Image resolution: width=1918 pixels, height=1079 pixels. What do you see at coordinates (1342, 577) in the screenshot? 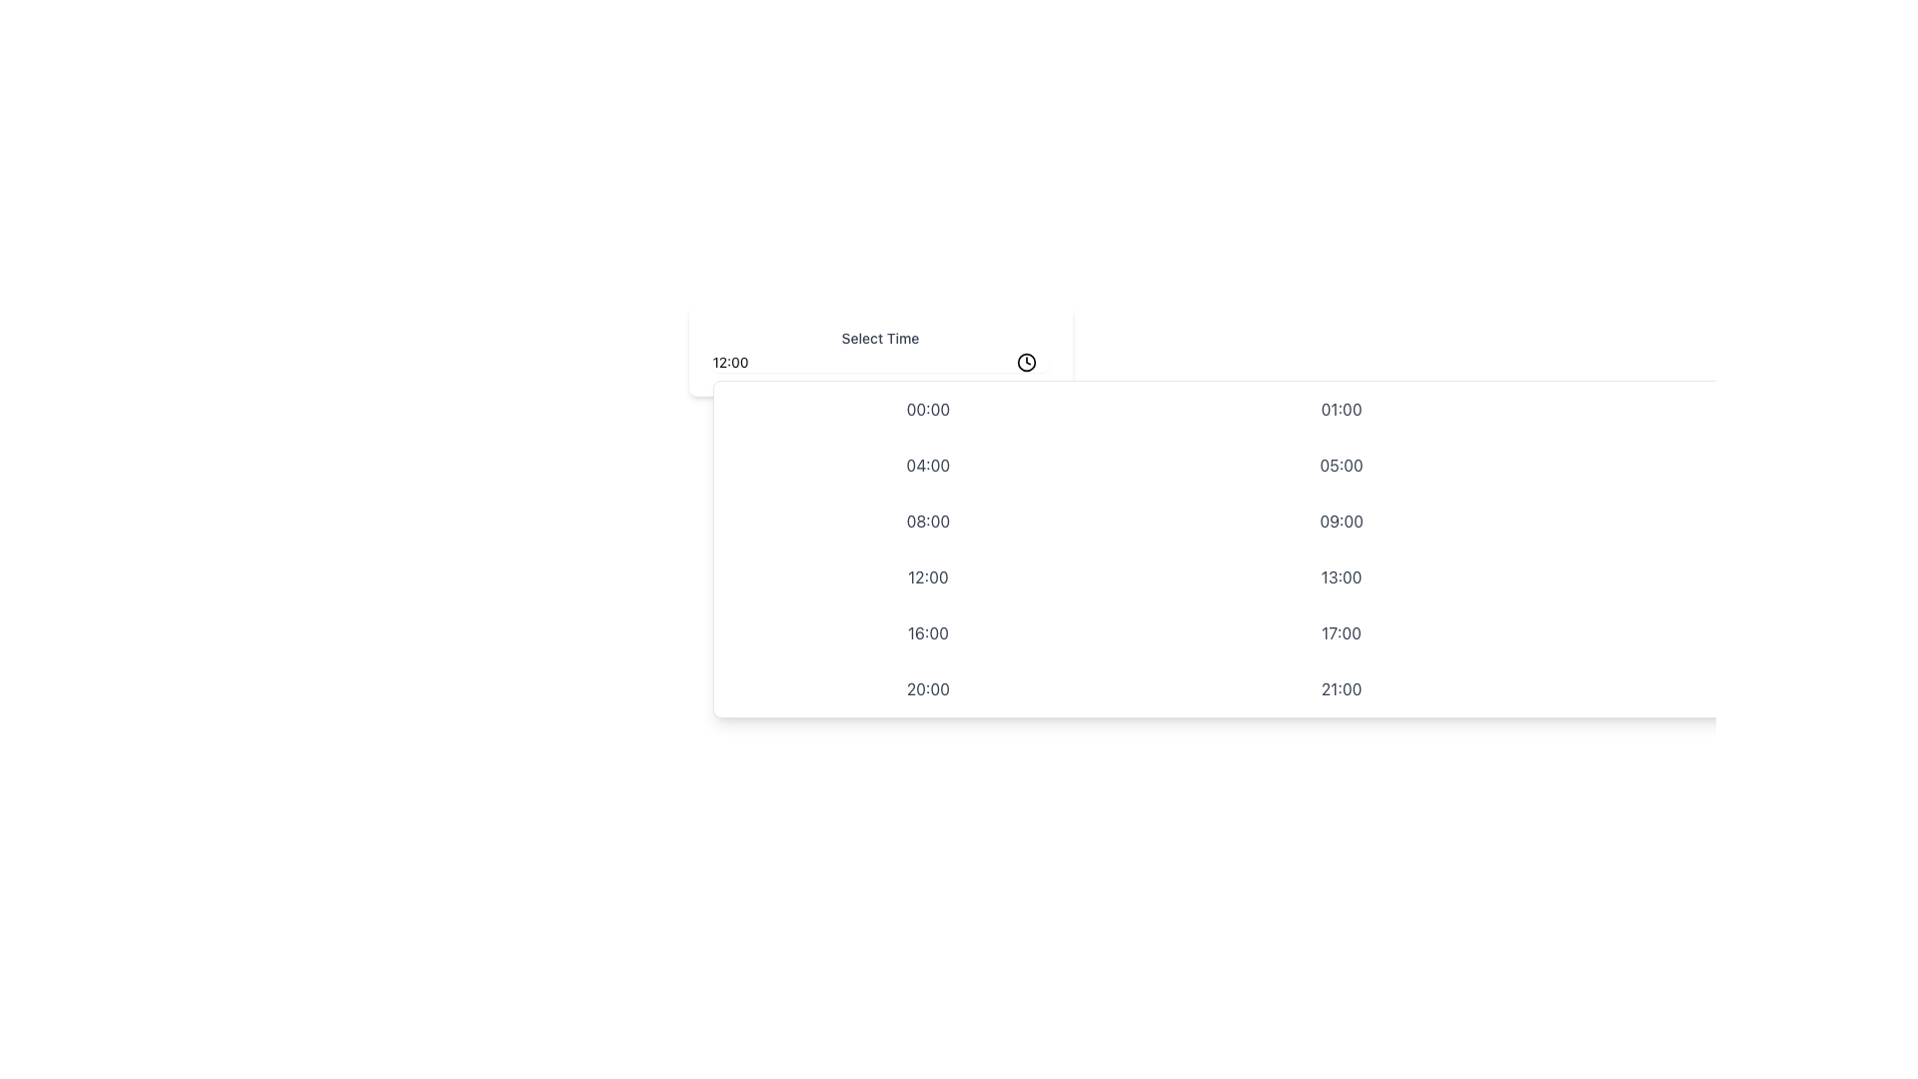
I see `the selectable time option button for '13:00' in the time picker interface to highlight it` at bounding box center [1342, 577].